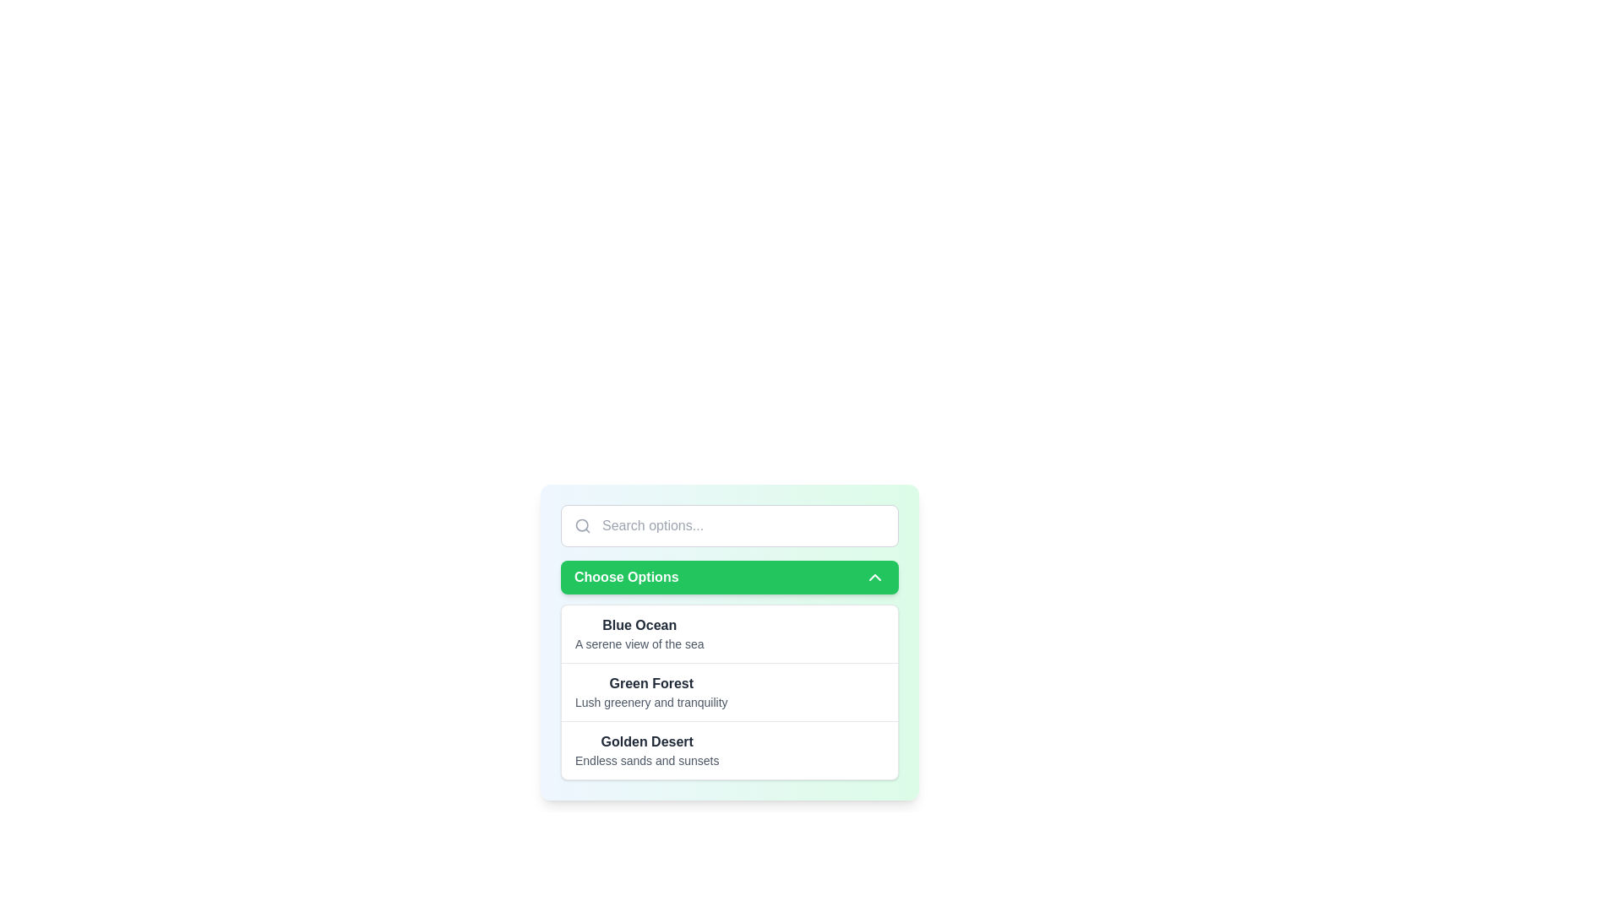 The height and width of the screenshot is (912, 1622). What do you see at coordinates (650, 703) in the screenshot?
I see `the text label displaying 'Lush greenery and tranquility', which is located below the title 'Green Forest' in the dropdown menu` at bounding box center [650, 703].